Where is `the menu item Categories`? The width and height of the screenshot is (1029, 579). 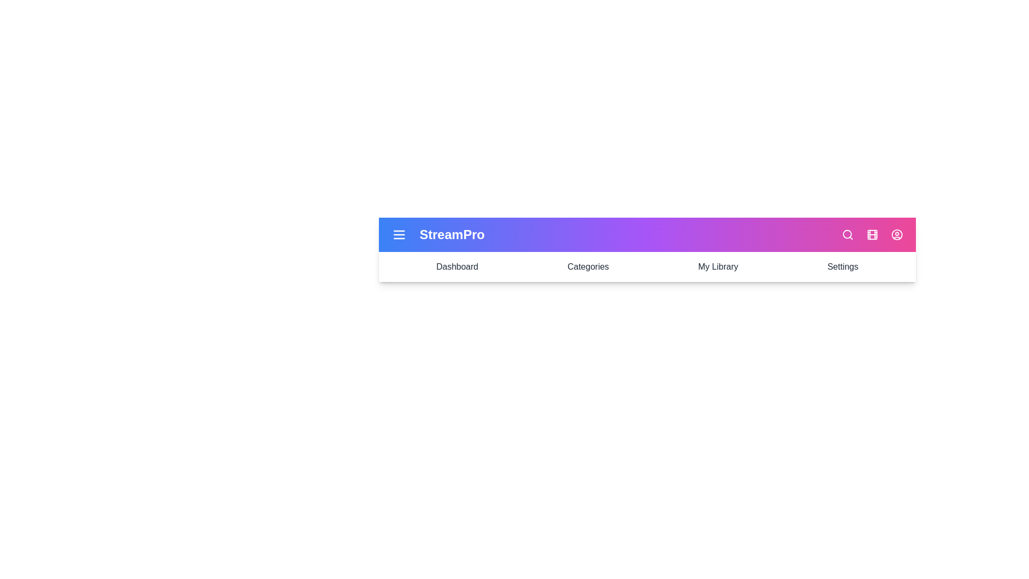
the menu item Categories is located at coordinates (587, 266).